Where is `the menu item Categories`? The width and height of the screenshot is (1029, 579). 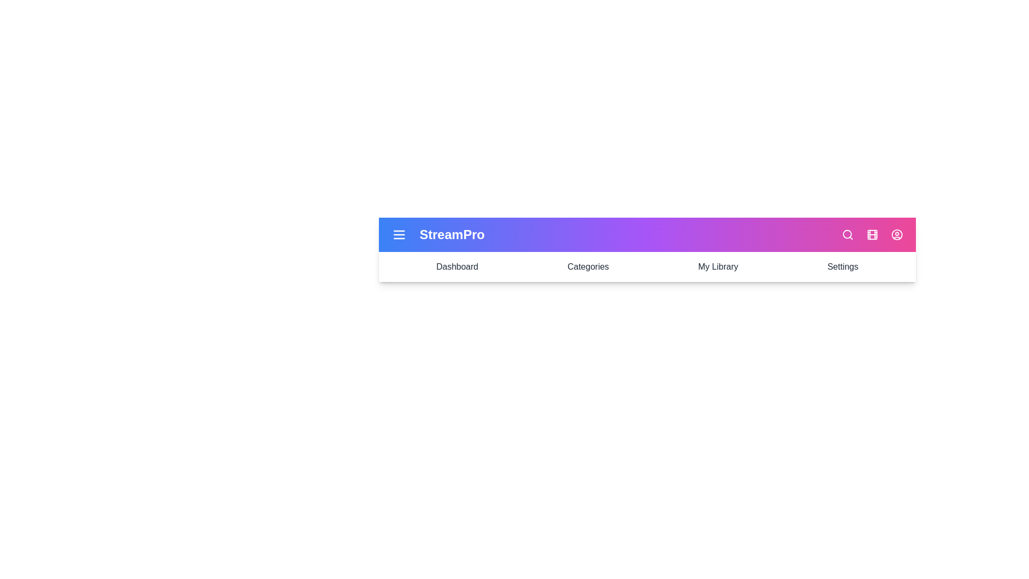
the menu item Categories is located at coordinates (587, 266).